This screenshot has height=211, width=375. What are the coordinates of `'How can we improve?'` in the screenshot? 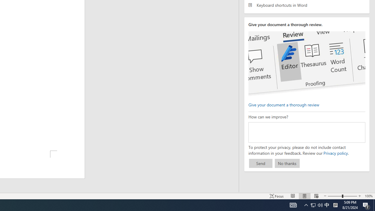 It's located at (306, 132).